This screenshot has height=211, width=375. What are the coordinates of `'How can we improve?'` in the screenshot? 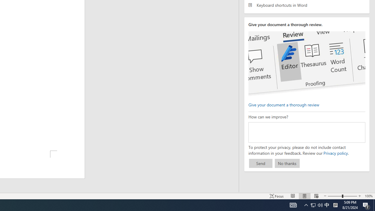 It's located at (306, 132).